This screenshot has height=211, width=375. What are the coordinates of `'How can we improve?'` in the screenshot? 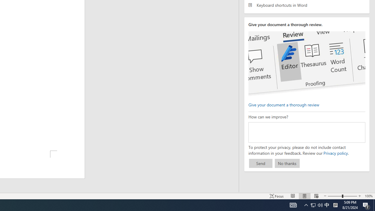 It's located at (306, 132).